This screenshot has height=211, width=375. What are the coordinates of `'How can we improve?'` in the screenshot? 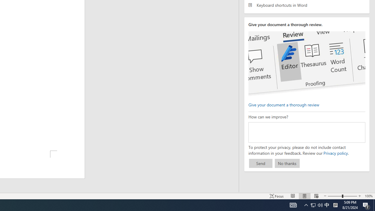 It's located at (306, 132).